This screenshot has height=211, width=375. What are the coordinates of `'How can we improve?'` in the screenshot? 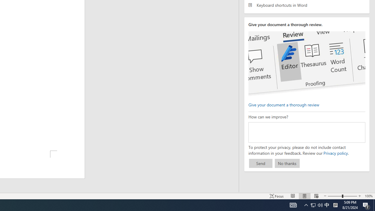 It's located at (306, 132).